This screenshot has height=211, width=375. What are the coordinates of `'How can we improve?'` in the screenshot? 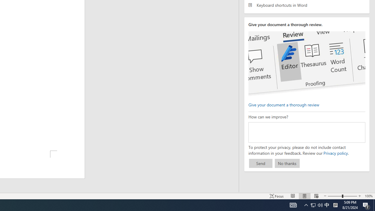 It's located at (306, 132).